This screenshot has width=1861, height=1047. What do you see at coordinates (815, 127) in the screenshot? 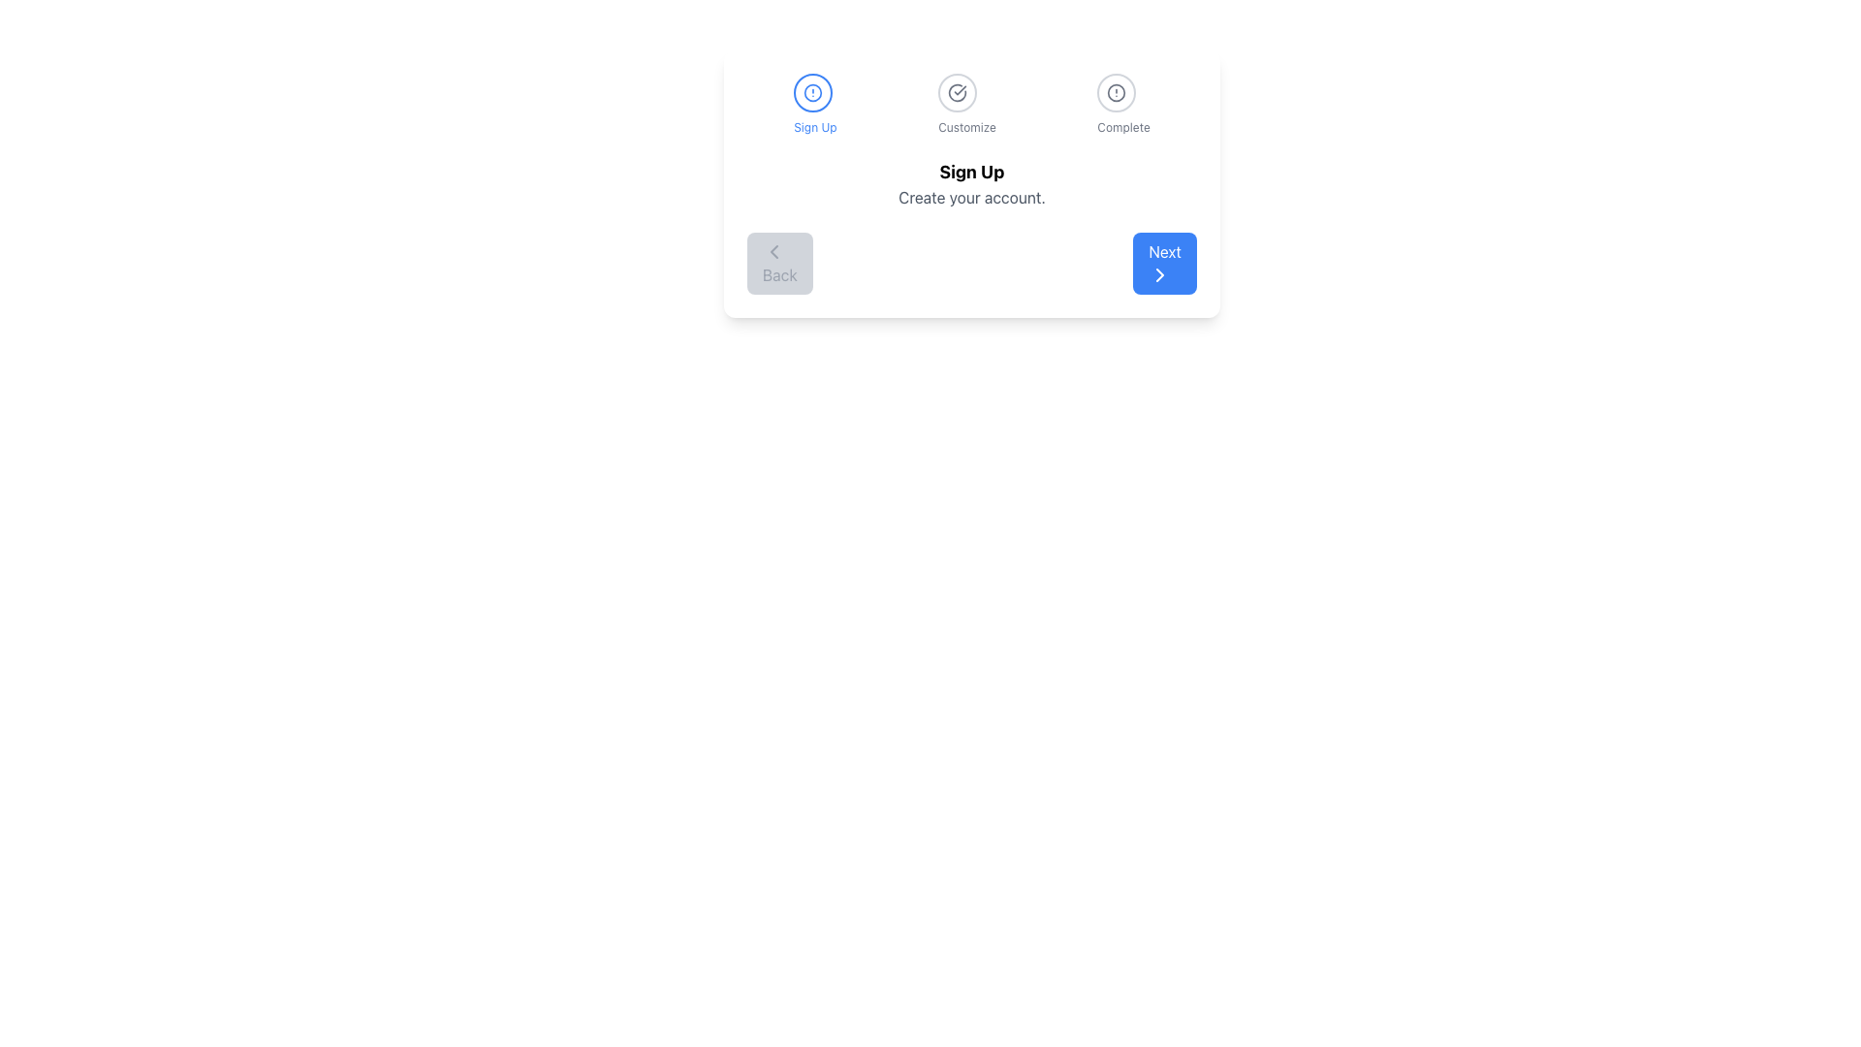
I see `the text label that serves as the title for the first step in a multi-step process, located beneath the circular icon with an 'i' symbol` at bounding box center [815, 127].